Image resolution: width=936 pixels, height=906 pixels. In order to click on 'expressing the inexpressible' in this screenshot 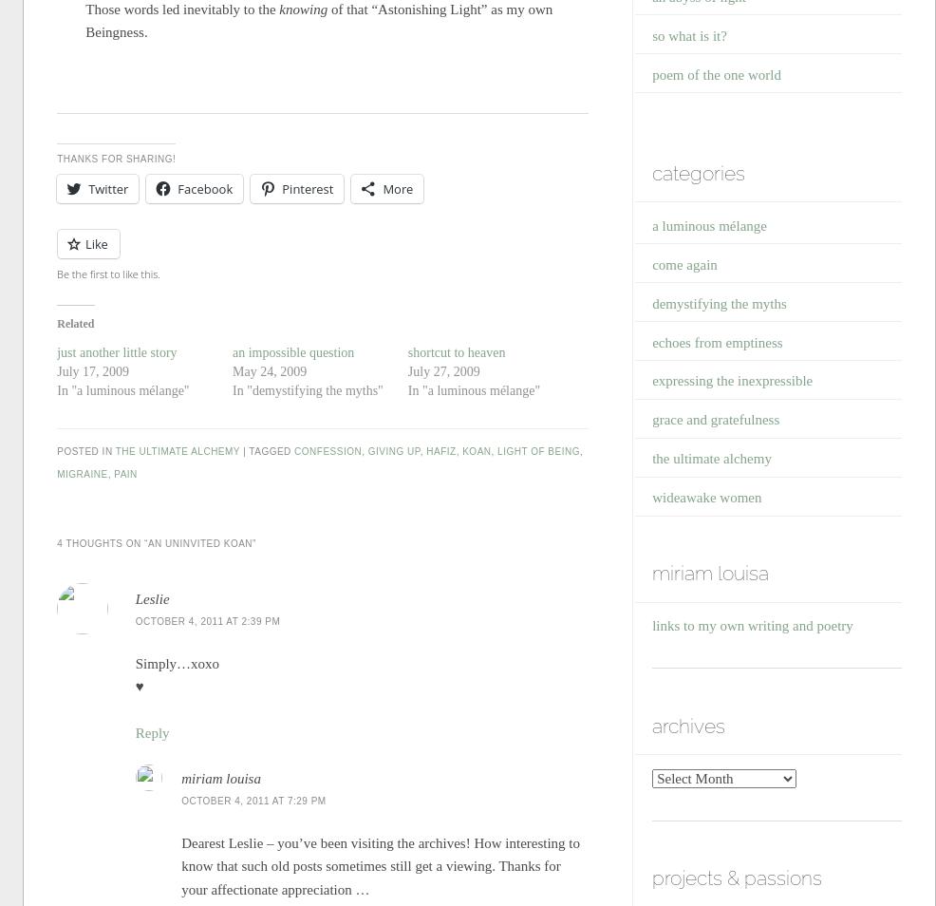, I will do `click(732, 380)`.